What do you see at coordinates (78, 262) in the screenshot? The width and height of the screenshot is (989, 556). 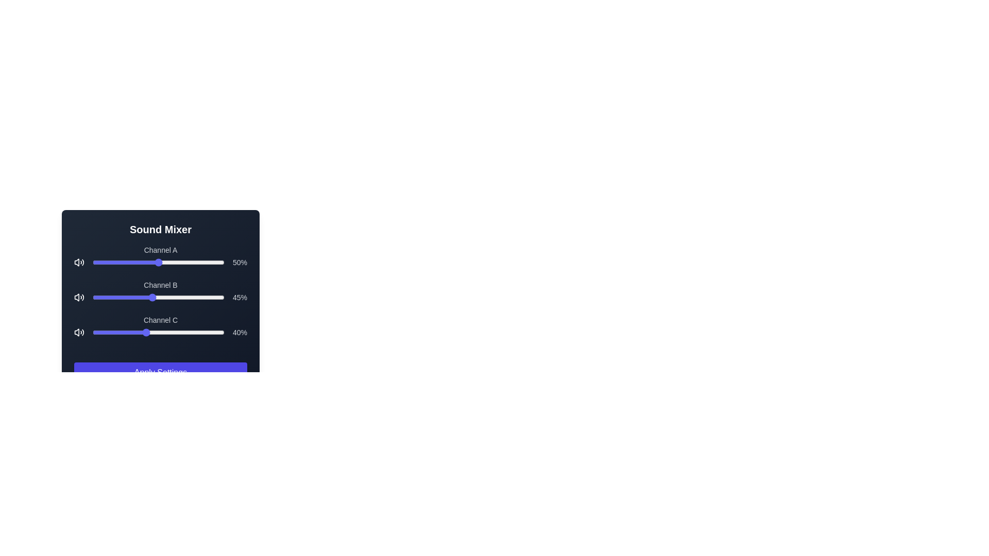 I see `the SVG Icon representing volume control for 'Channel A', located to the left of the slider labeled '50%'` at bounding box center [78, 262].